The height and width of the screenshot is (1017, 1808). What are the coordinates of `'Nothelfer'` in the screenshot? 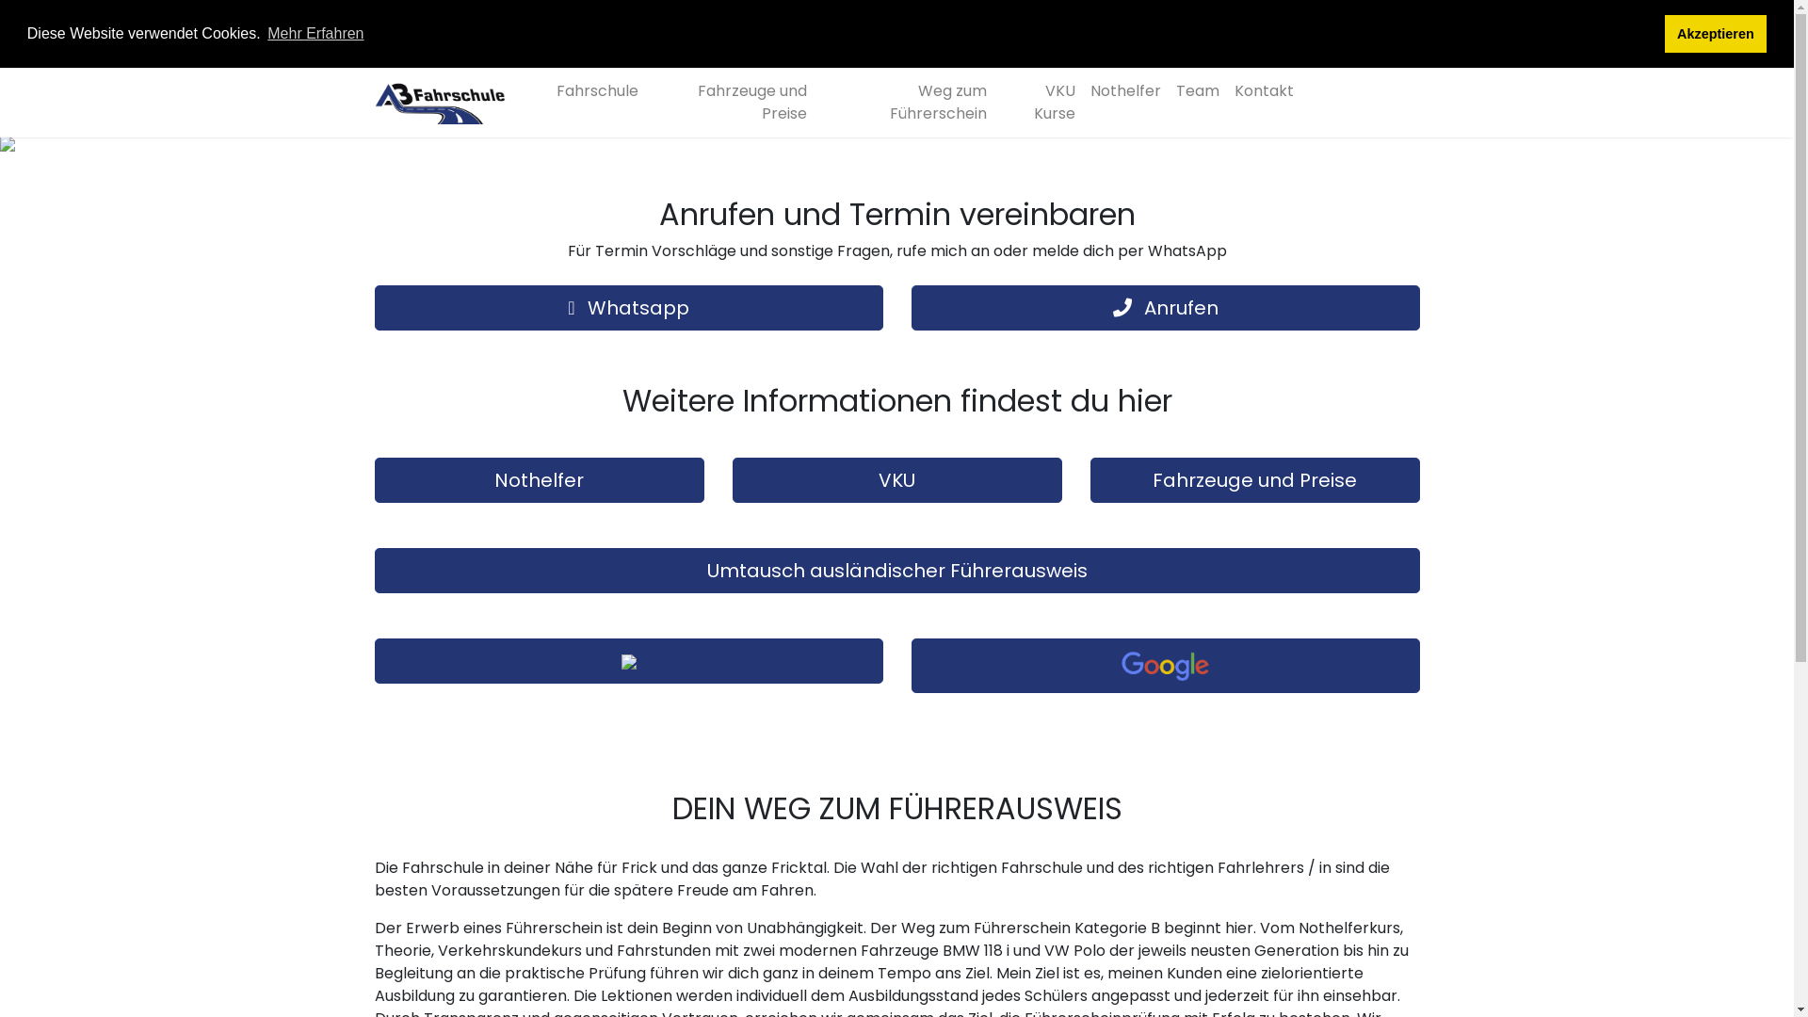 It's located at (1125, 90).